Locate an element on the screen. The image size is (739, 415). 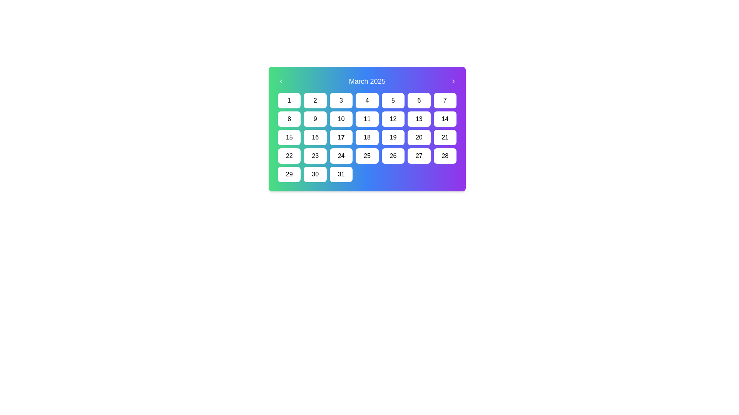
the text label displaying the number '18' in black on a white background, styled as a rounded button, part of the March 2025 calendar grid is located at coordinates (367, 137).